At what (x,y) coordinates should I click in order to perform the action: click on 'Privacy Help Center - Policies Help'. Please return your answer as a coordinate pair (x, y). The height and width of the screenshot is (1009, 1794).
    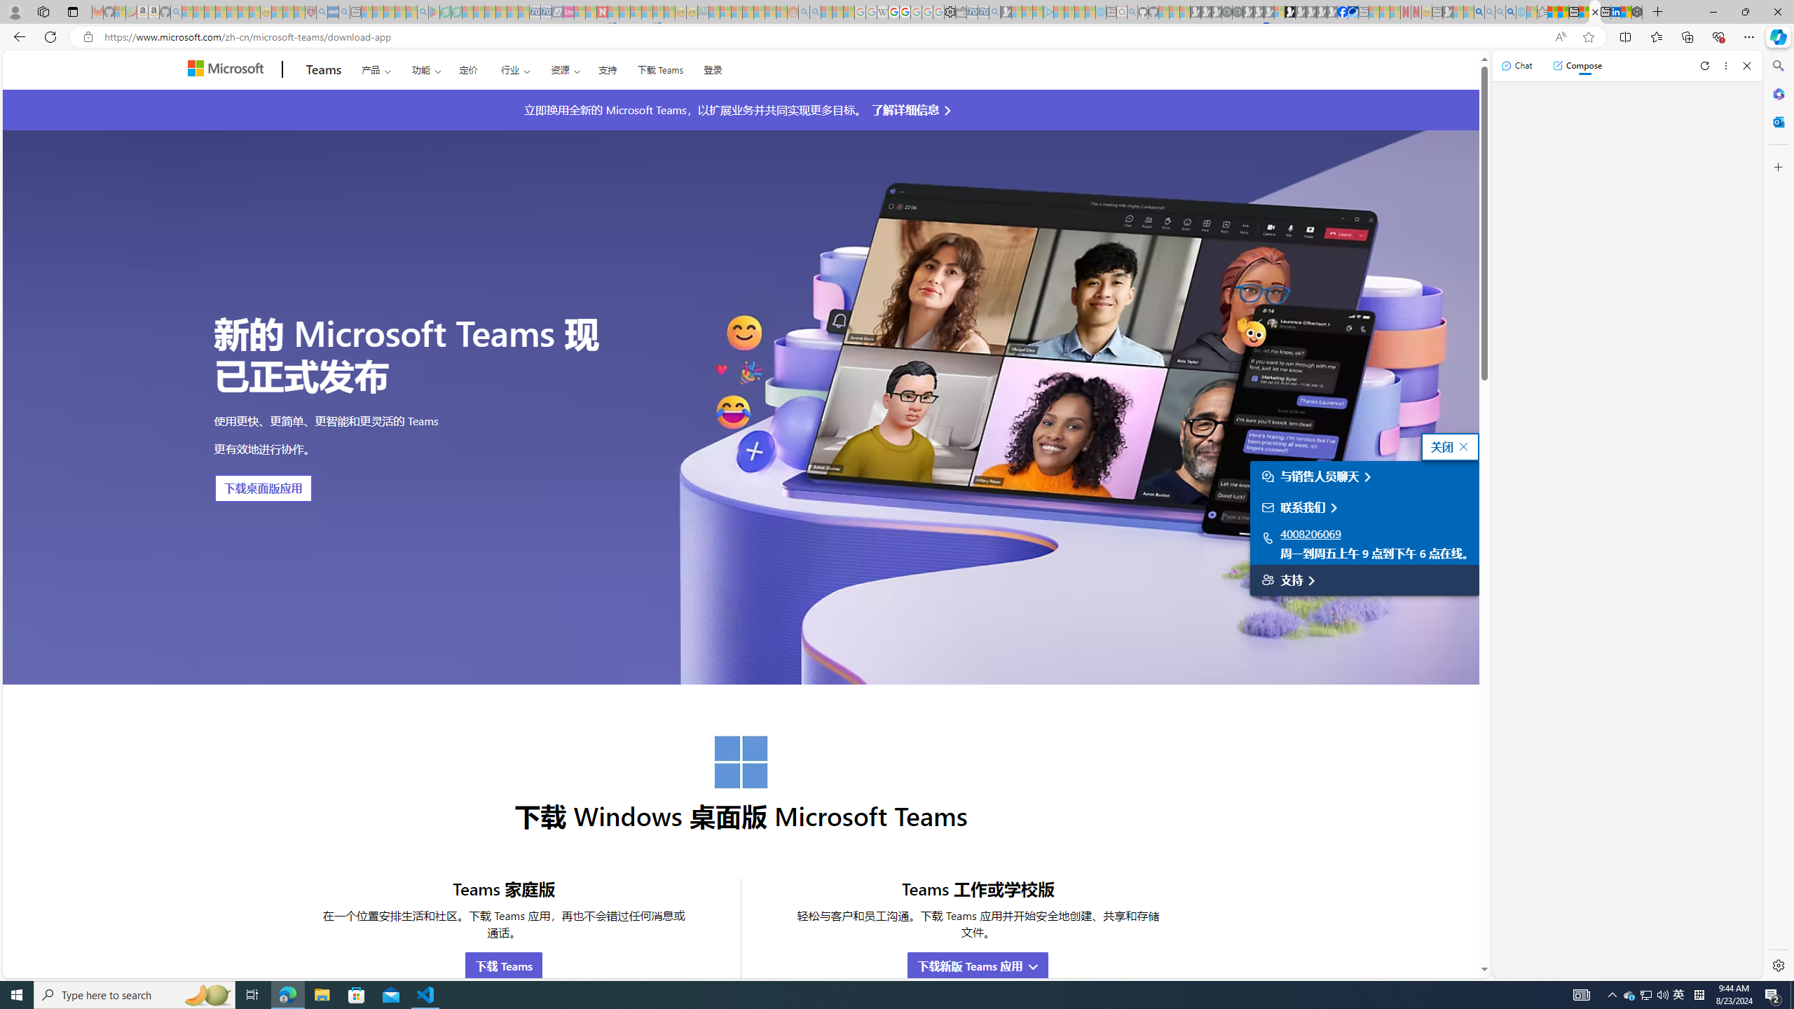
    Looking at the image, I should click on (893, 11).